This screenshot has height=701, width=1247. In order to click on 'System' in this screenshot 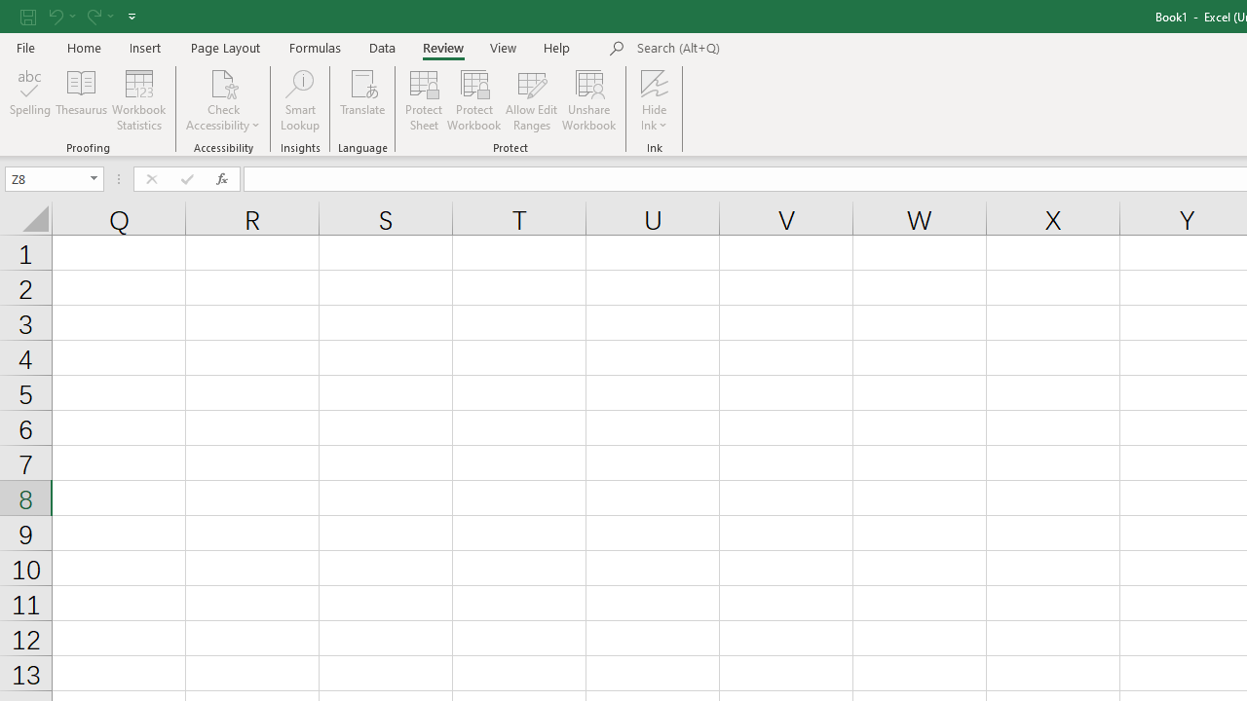, I will do `click(10, 11)`.